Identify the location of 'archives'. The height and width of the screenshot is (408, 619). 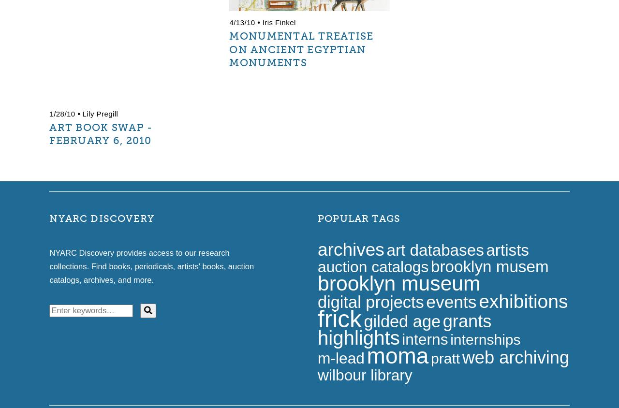
(350, 248).